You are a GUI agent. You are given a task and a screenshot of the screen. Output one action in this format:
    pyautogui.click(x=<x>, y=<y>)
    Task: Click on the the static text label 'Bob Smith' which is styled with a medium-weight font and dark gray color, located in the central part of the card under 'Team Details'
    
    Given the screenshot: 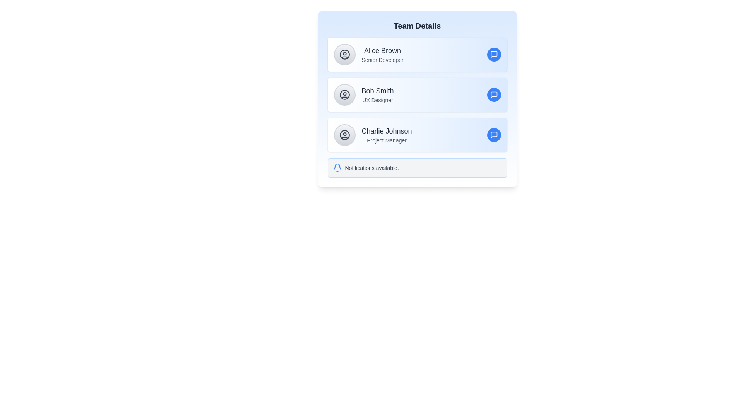 What is the action you would take?
    pyautogui.click(x=377, y=91)
    